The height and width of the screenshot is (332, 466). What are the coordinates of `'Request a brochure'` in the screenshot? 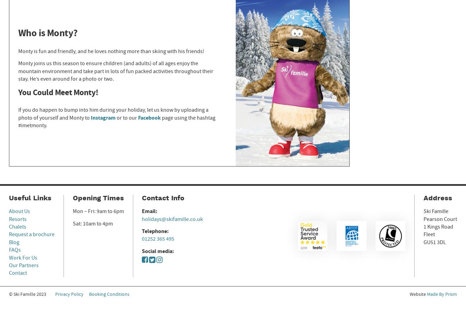 It's located at (31, 234).